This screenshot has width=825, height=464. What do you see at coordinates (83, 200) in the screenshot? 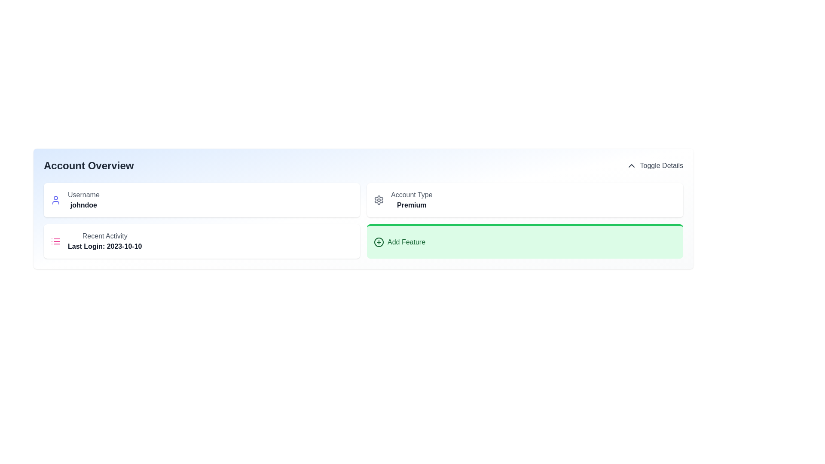
I see `the 'Username' text element which displays 'johndoe' in bold black font, located prominently at the top left of the interface within a white card styled element` at bounding box center [83, 200].